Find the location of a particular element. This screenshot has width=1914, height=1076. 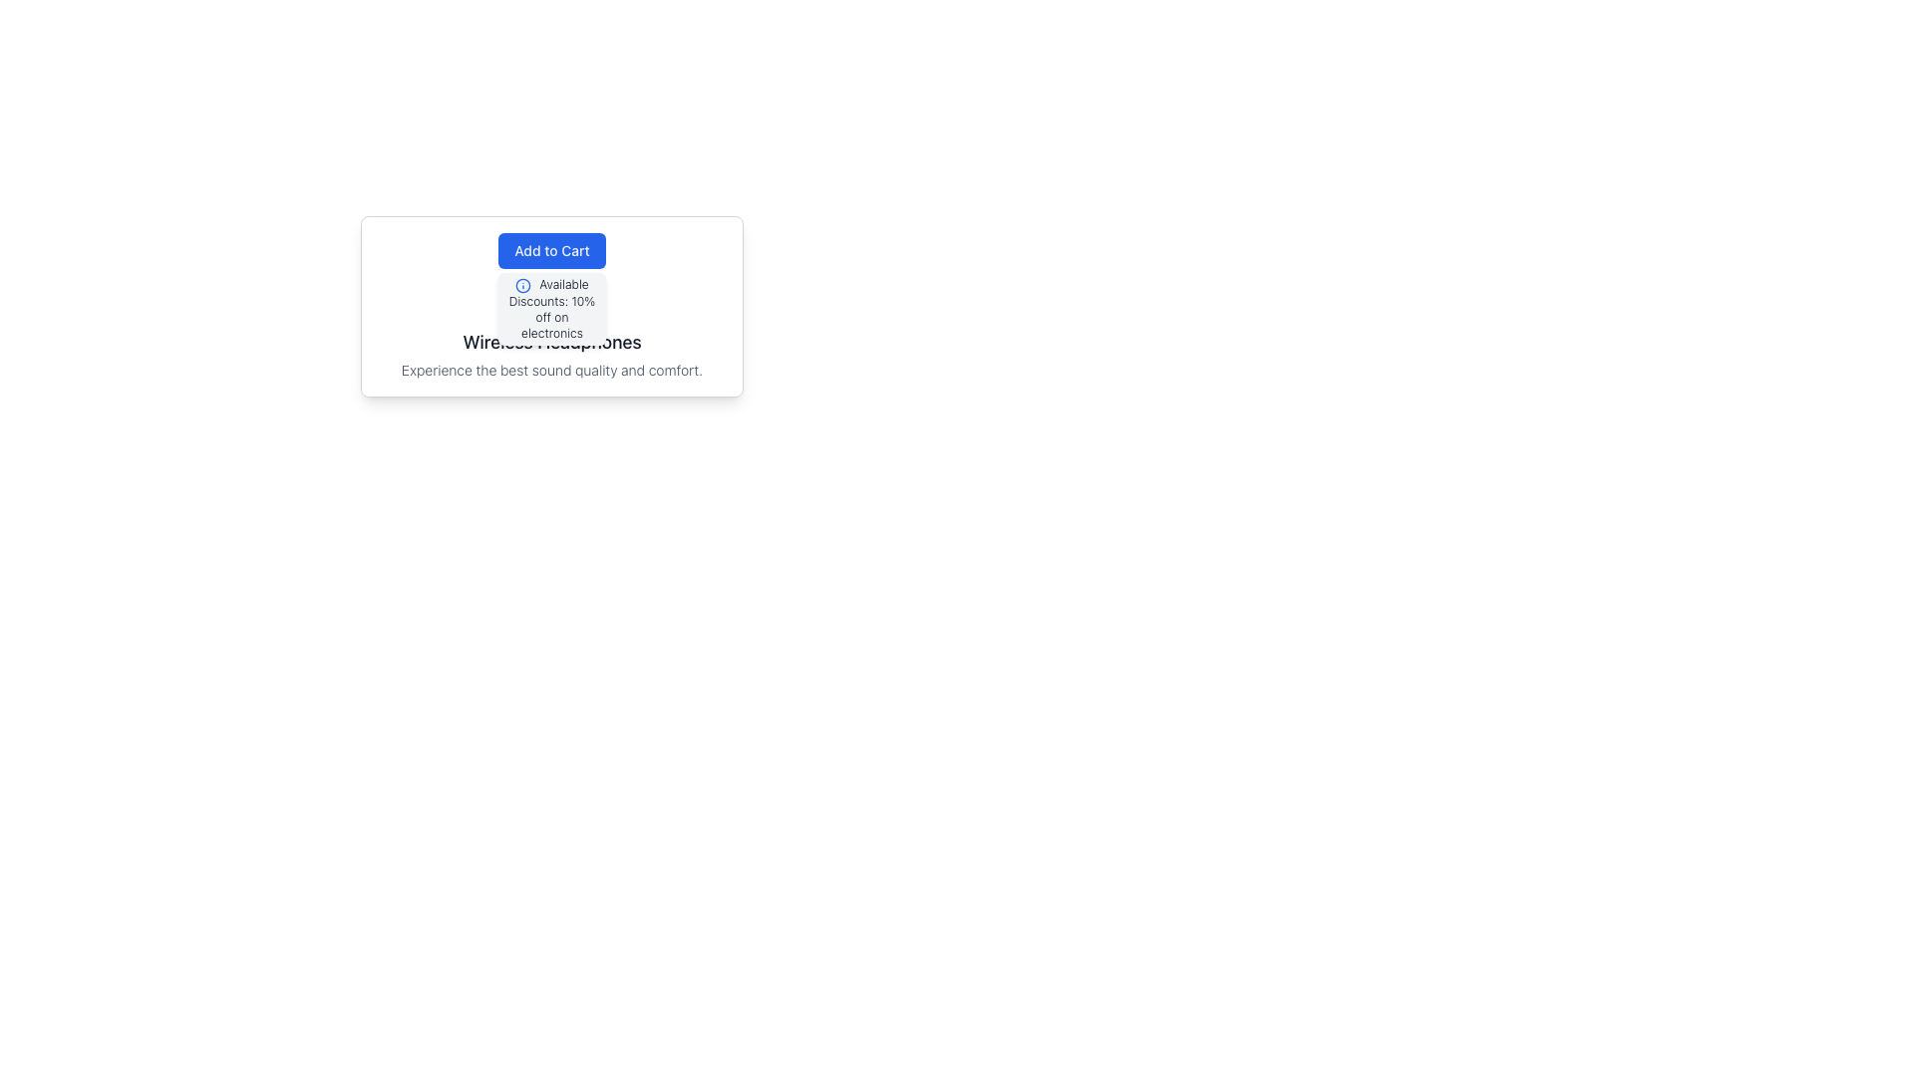

the tooltip displaying 'Available Discounts: 10% off on electronics', which is located directly beneath the 'Add to Cart' button is located at coordinates (551, 309).